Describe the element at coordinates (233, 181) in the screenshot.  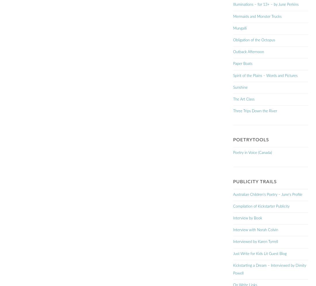
I see `'Publicity Trails'` at that location.